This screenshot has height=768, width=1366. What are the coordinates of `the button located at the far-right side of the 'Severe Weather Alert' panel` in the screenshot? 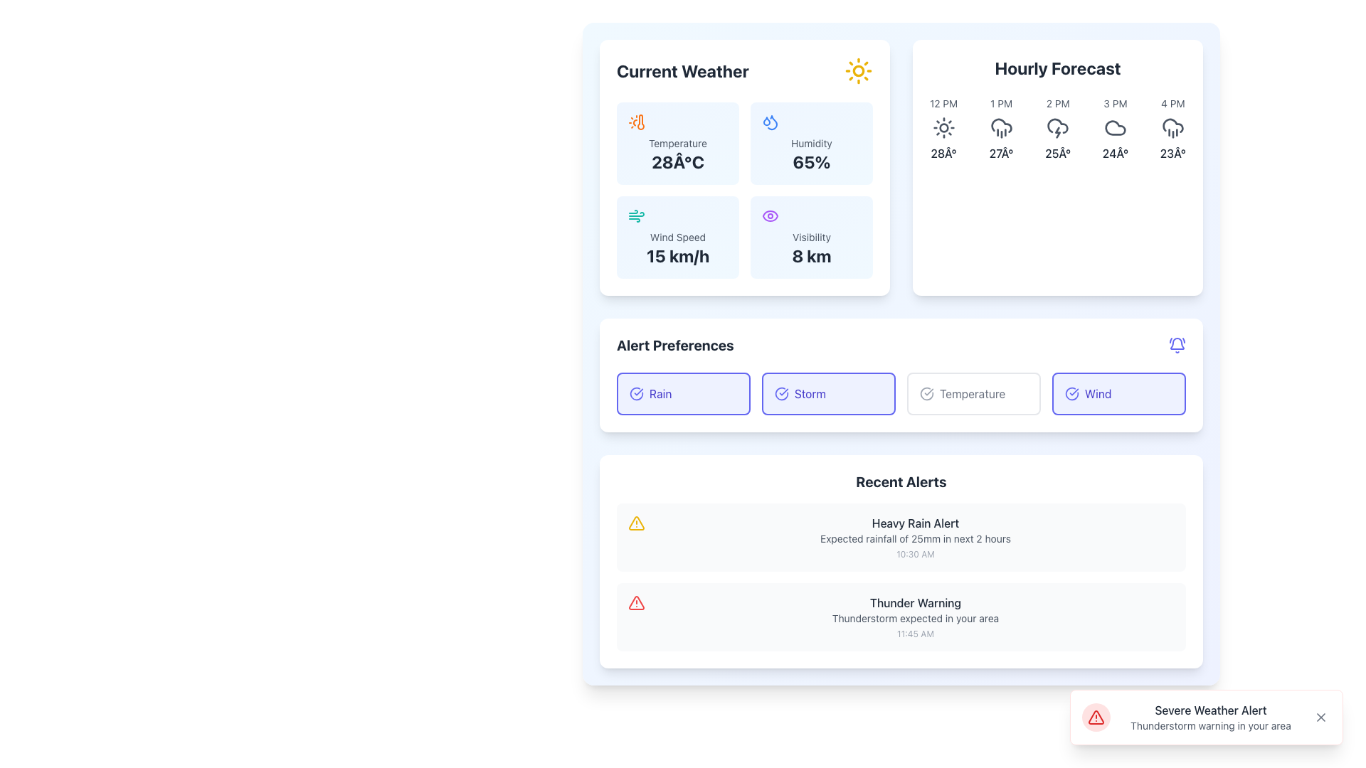 It's located at (1320, 718).